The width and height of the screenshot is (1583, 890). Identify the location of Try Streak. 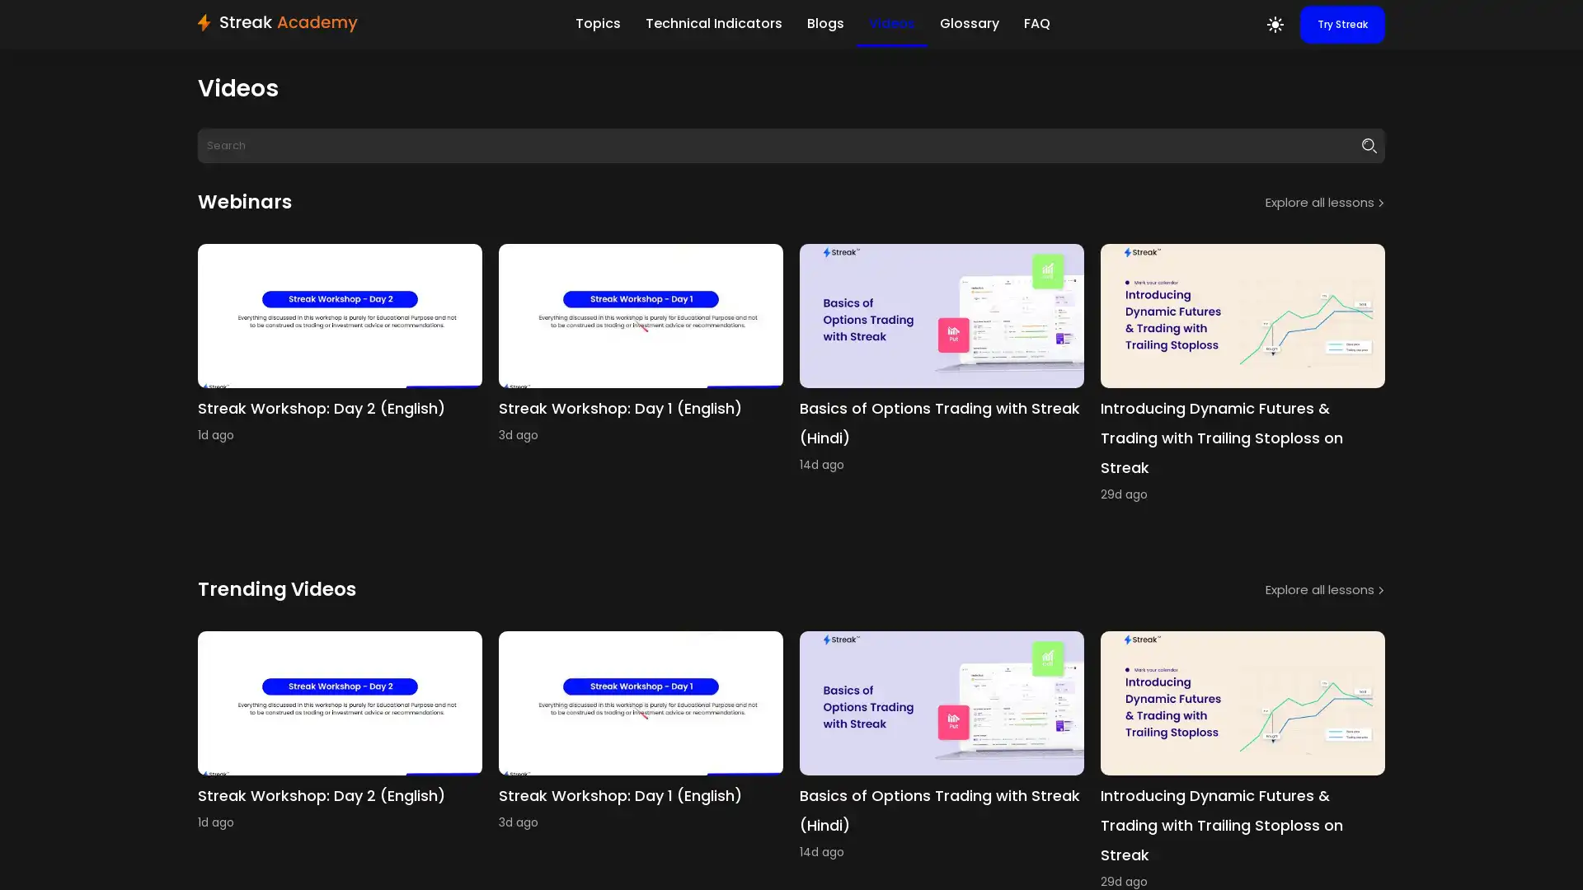
(1342, 25).